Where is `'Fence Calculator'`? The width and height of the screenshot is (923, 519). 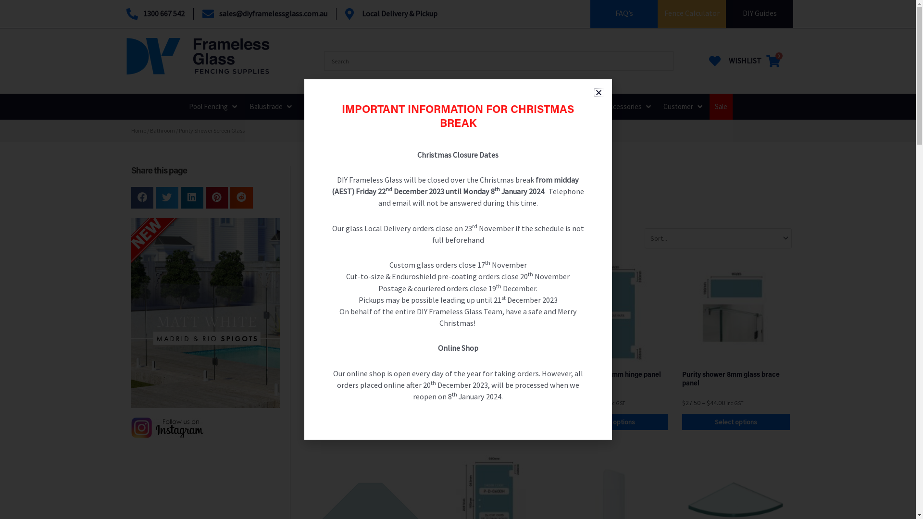
'Fence Calculator' is located at coordinates (664, 13).